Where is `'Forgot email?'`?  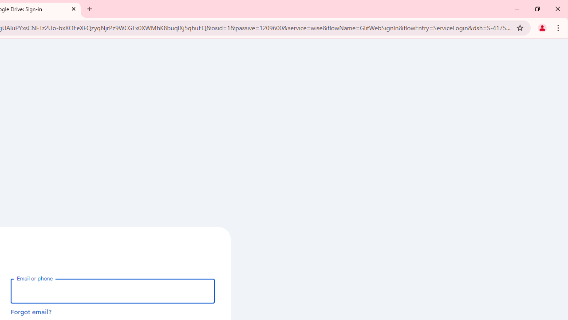
'Forgot email?' is located at coordinates (31, 311).